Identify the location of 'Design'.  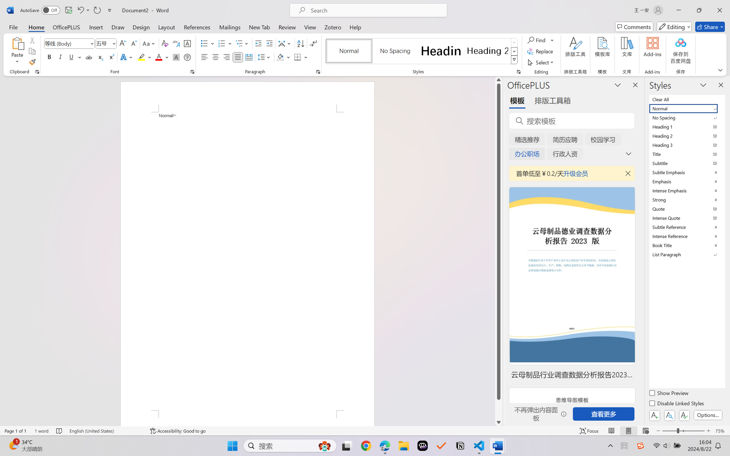
(141, 27).